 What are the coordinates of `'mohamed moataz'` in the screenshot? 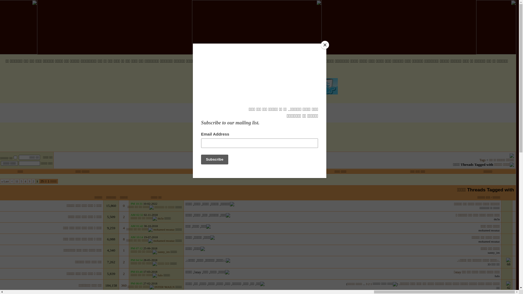 It's located at (478, 241).